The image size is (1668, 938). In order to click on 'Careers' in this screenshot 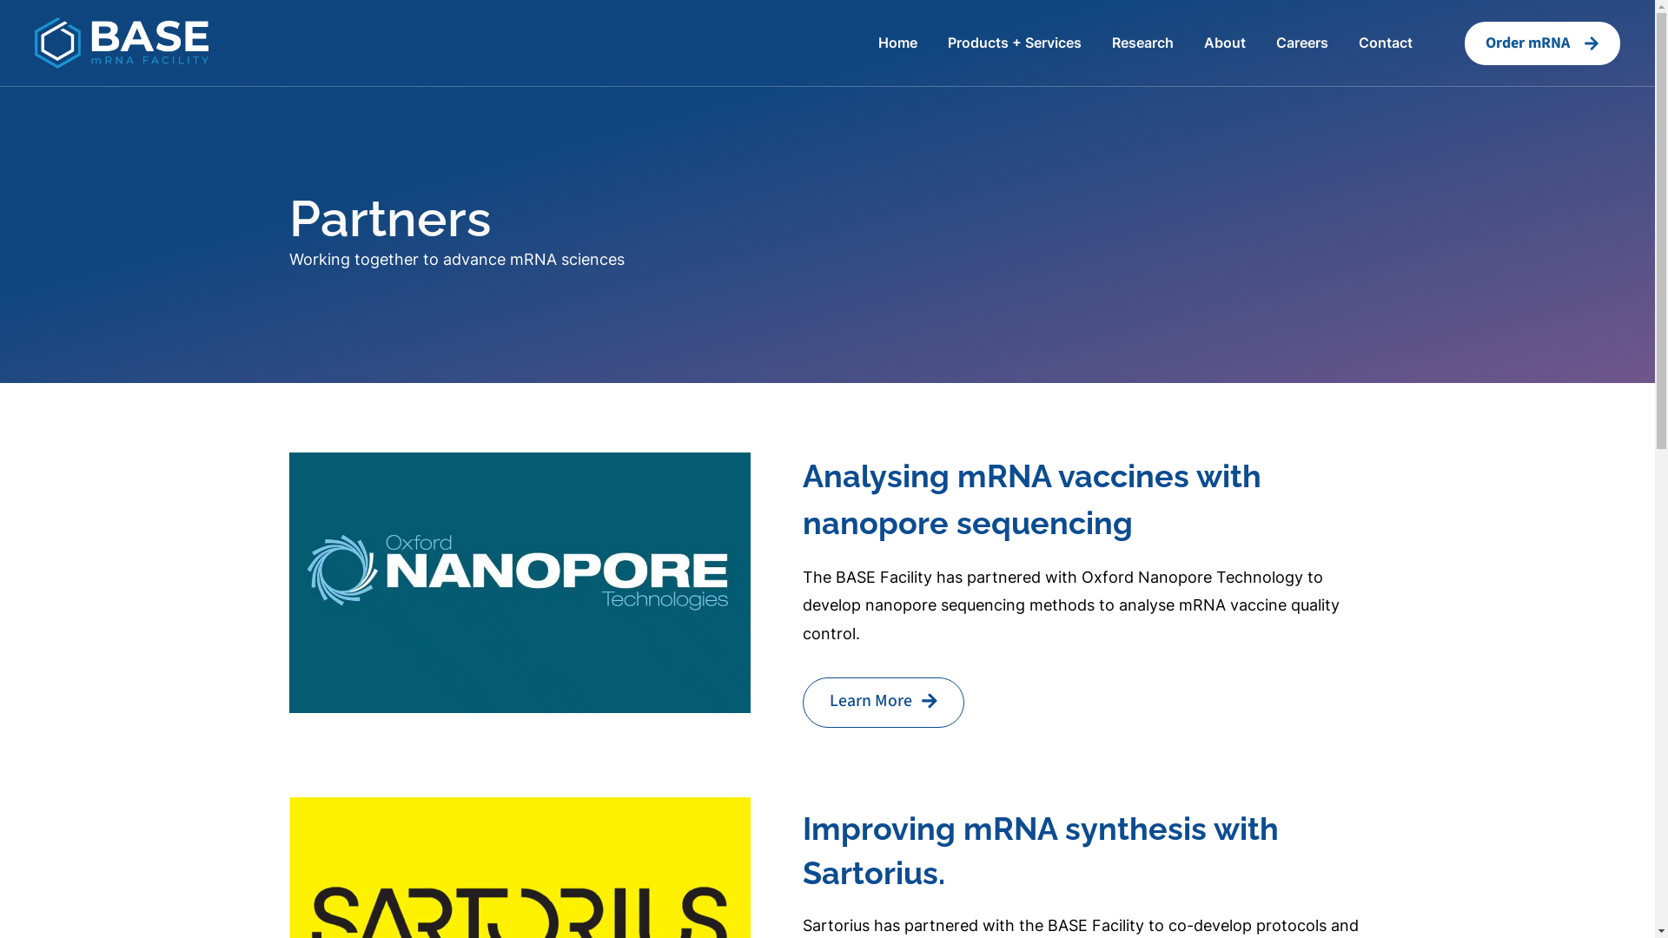, I will do `click(1301, 42)`.